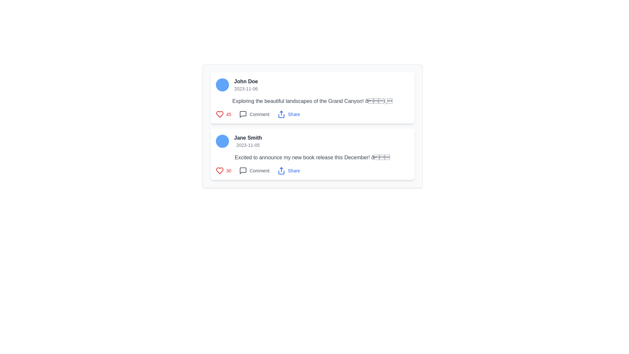 This screenshot has height=354, width=629. What do you see at coordinates (229, 114) in the screenshot?
I see `the Text label displaying the count of interactions located to the immediate right of the red heart icon in the second post of a vertical stack of user posts` at bounding box center [229, 114].